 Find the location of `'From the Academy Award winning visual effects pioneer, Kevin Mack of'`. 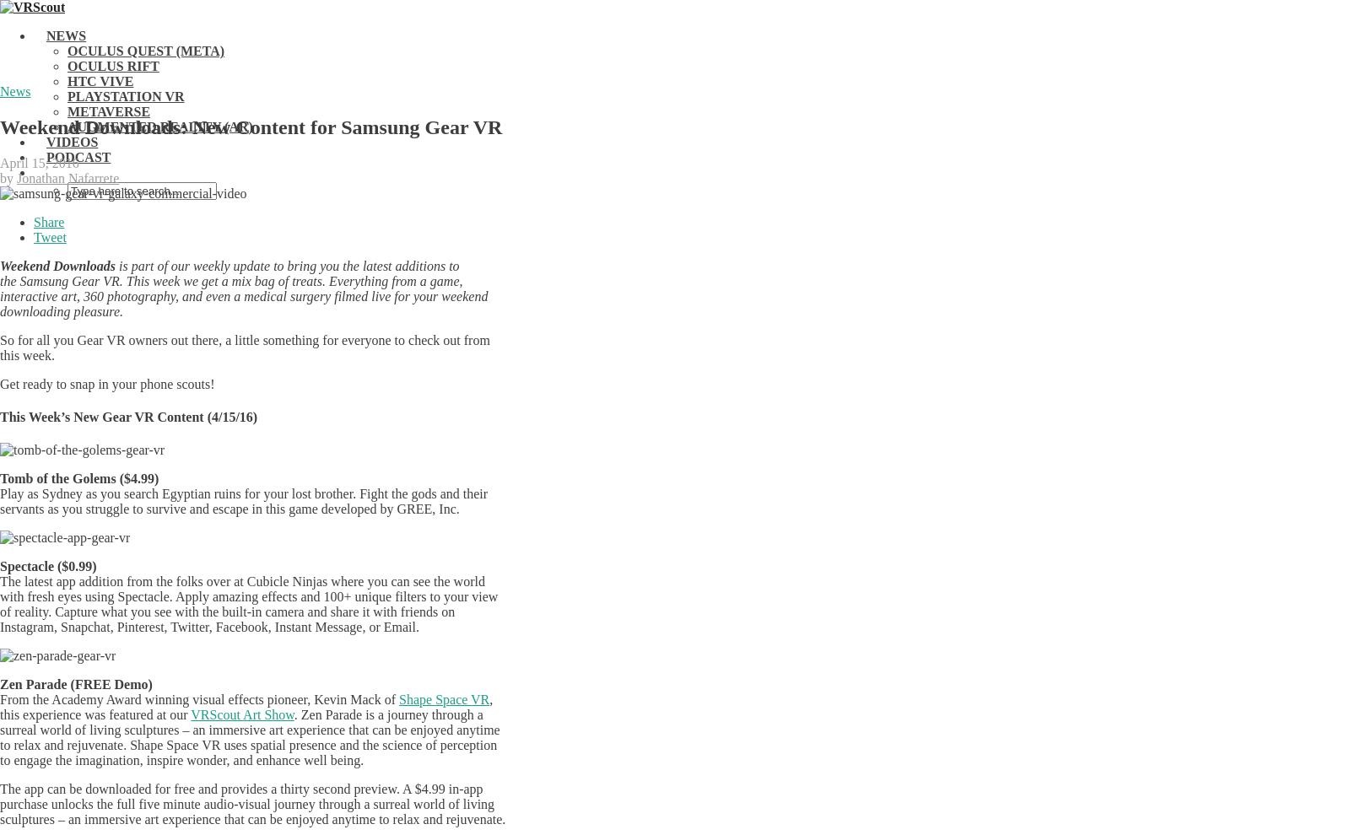

'From the Academy Award winning visual effects pioneer, Kevin Mack of' is located at coordinates (199, 698).